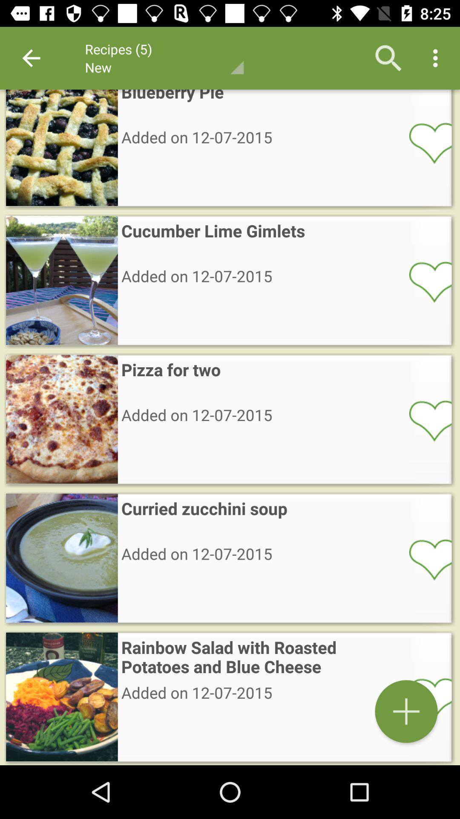  Describe the element at coordinates (425, 698) in the screenshot. I see `add option` at that location.